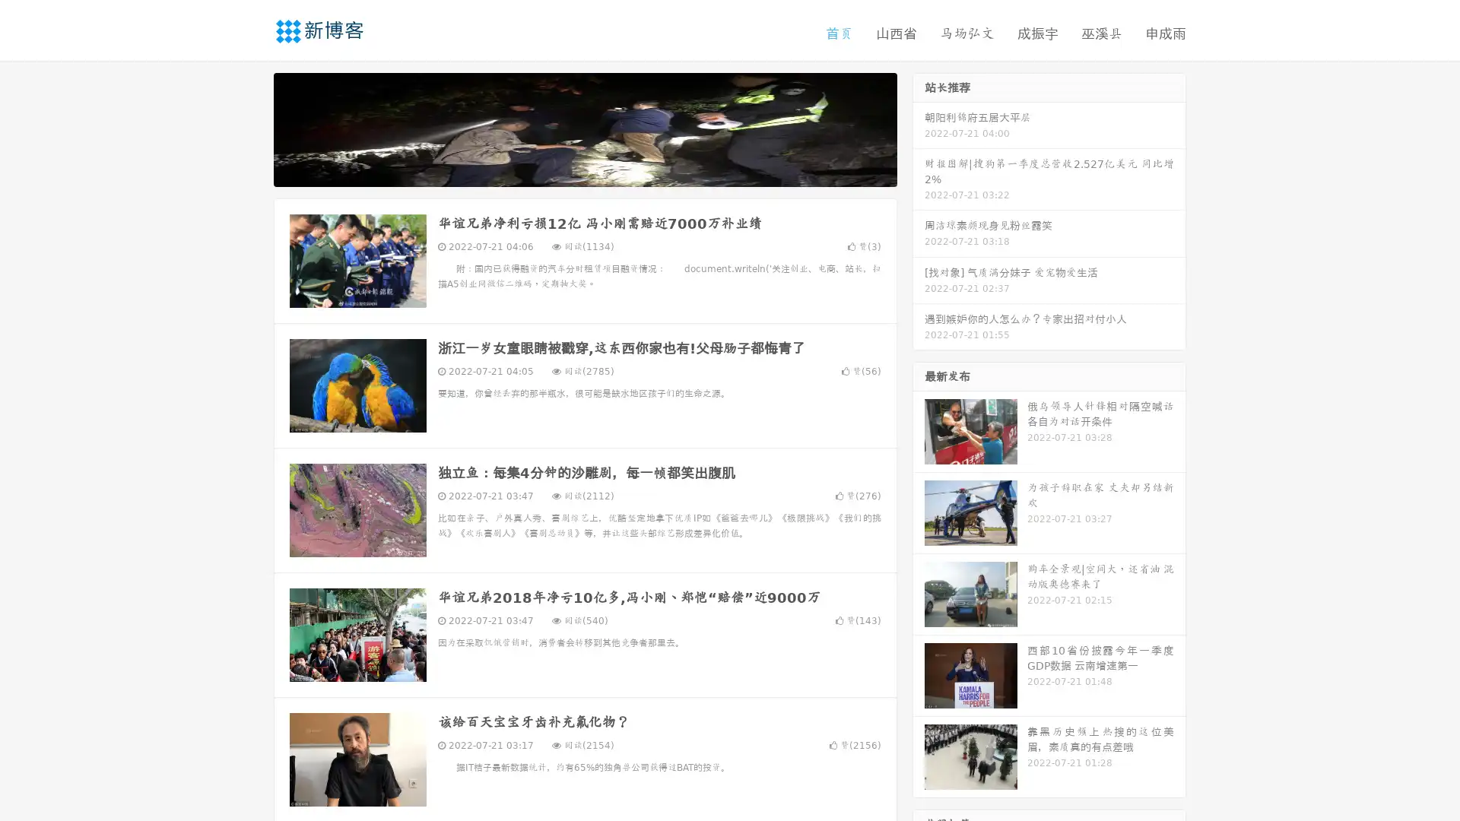 The width and height of the screenshot is (1460, 821). What do you see at coordinates (569, 171) in the screenshot?
I see `Go to slide 1` at bounding box center [569, 171].